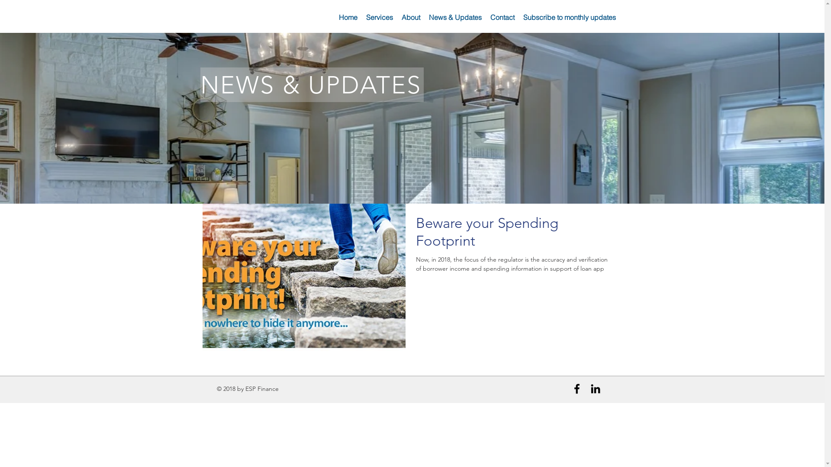 The width and height of the screenshot is (831, 467). I want to click on 'Contact', so click(486, 17).